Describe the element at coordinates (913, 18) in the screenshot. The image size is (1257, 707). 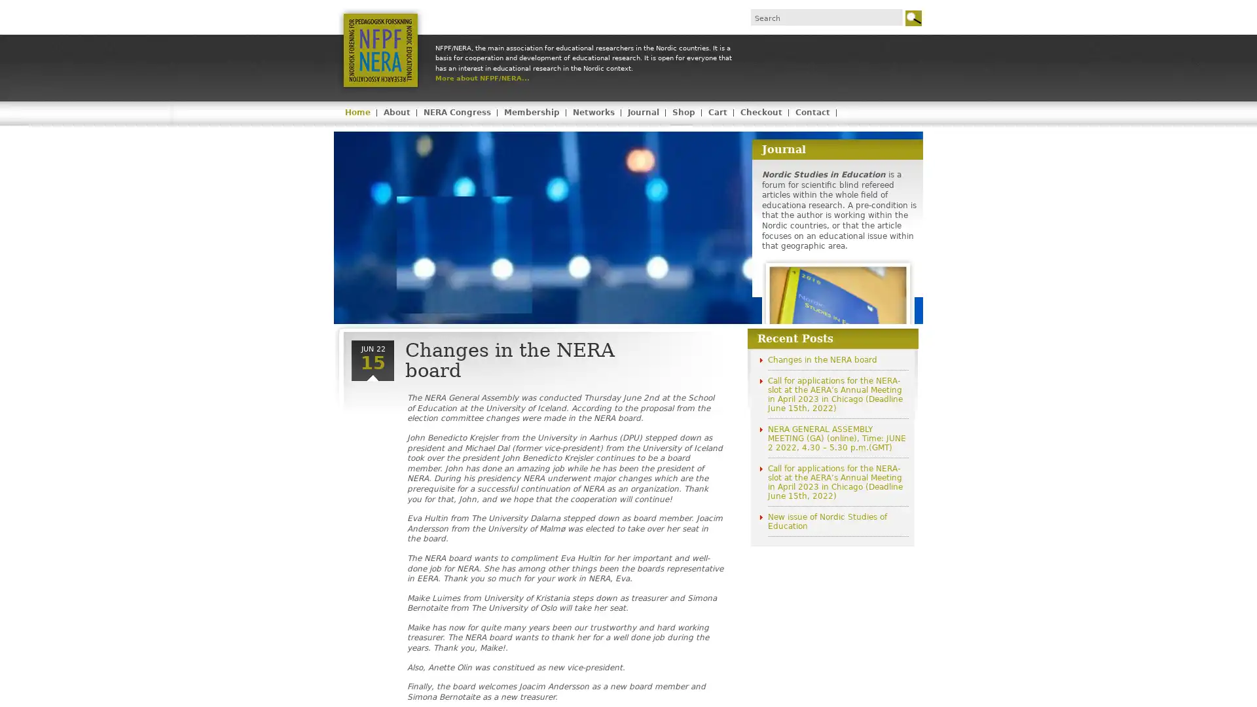
I see `Go` at that location.